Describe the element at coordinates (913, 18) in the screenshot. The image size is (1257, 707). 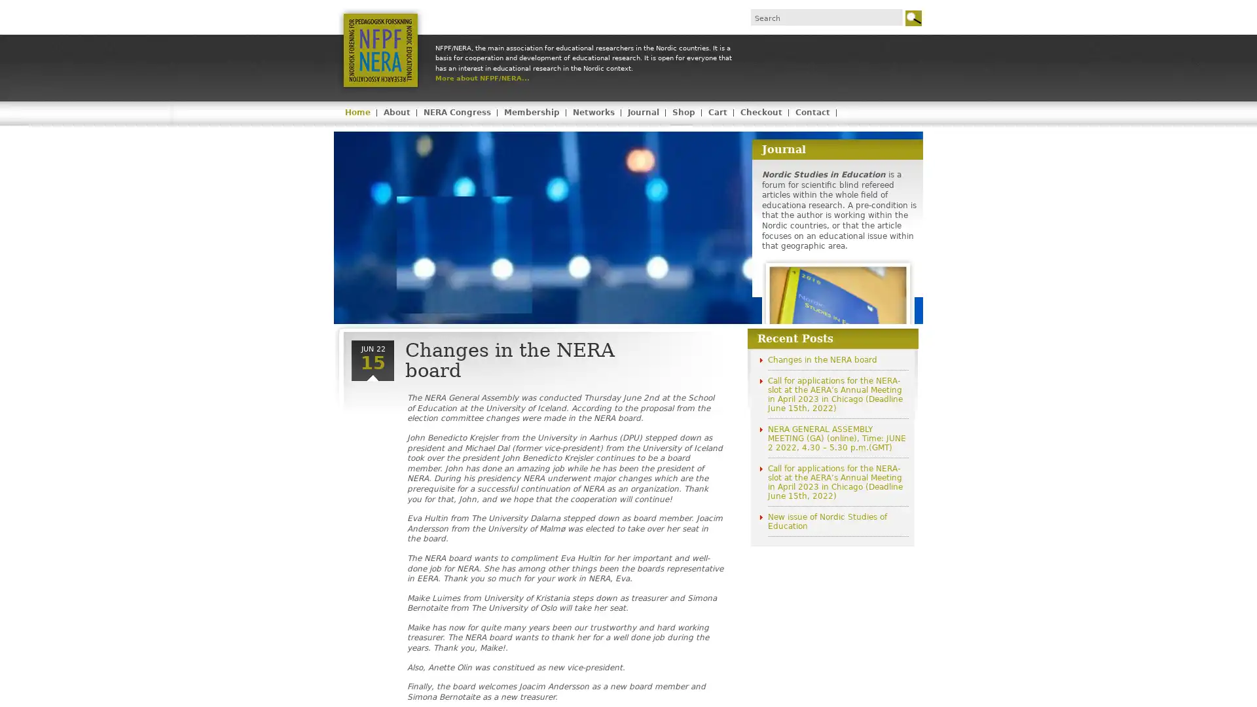
I see `Go` at that location.